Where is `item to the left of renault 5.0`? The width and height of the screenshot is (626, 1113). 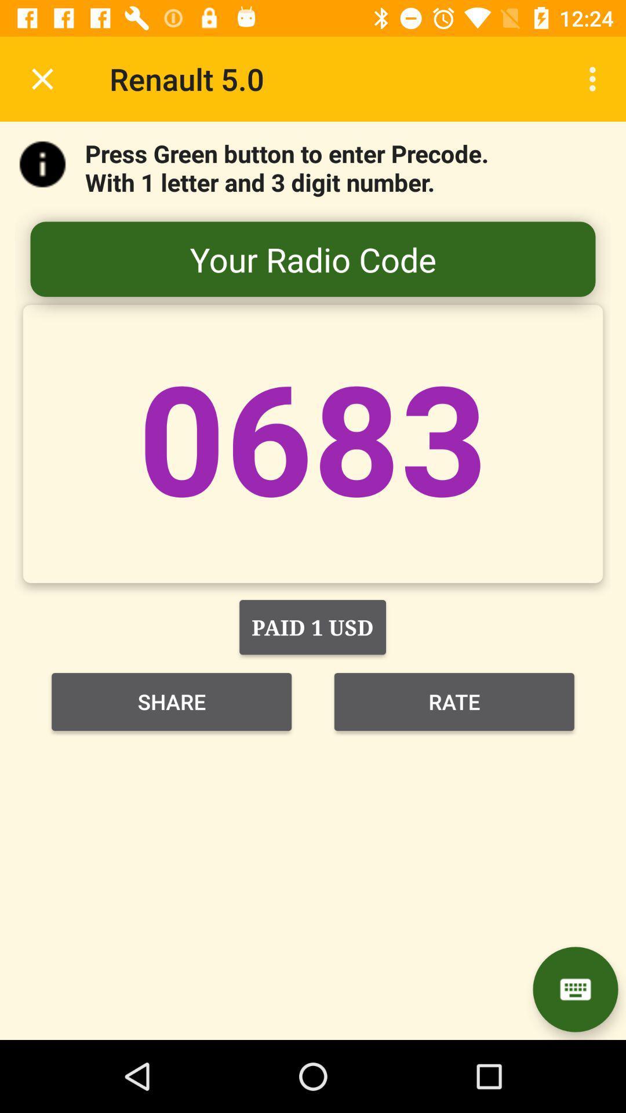 item to the left of renault 5.0 is located at coordinates (42, 78).